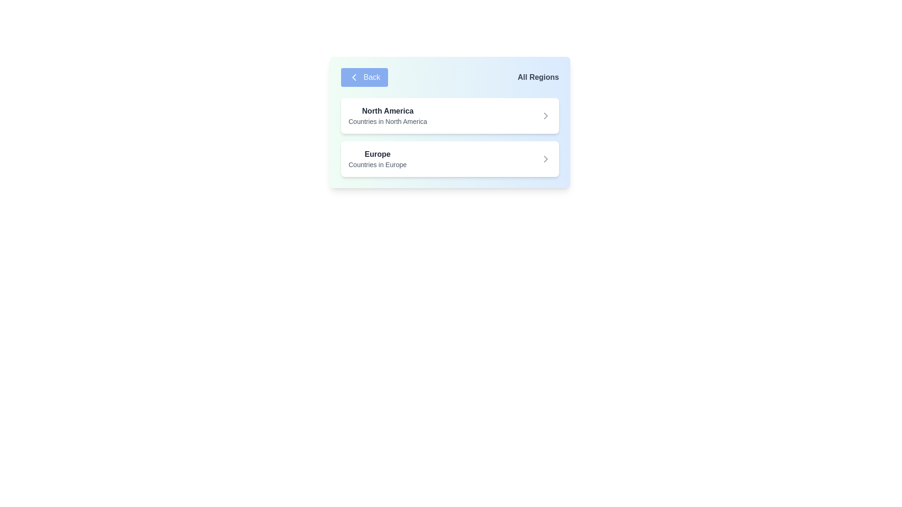  What do you see at coordinates (353, 77) in the screenshot?
I see `the chevron icon on the leftmost side of the 'Back' button` at bounding box center [353, 77].